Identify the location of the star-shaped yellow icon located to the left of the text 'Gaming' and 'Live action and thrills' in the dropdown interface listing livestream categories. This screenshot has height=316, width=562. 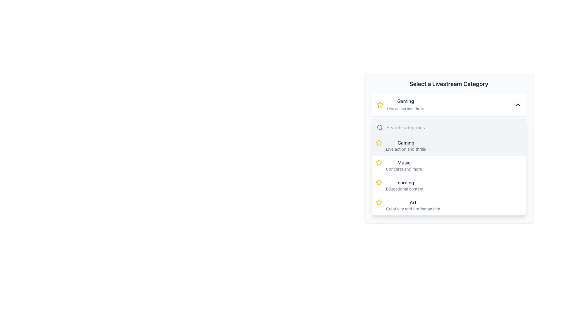
(380, 104).